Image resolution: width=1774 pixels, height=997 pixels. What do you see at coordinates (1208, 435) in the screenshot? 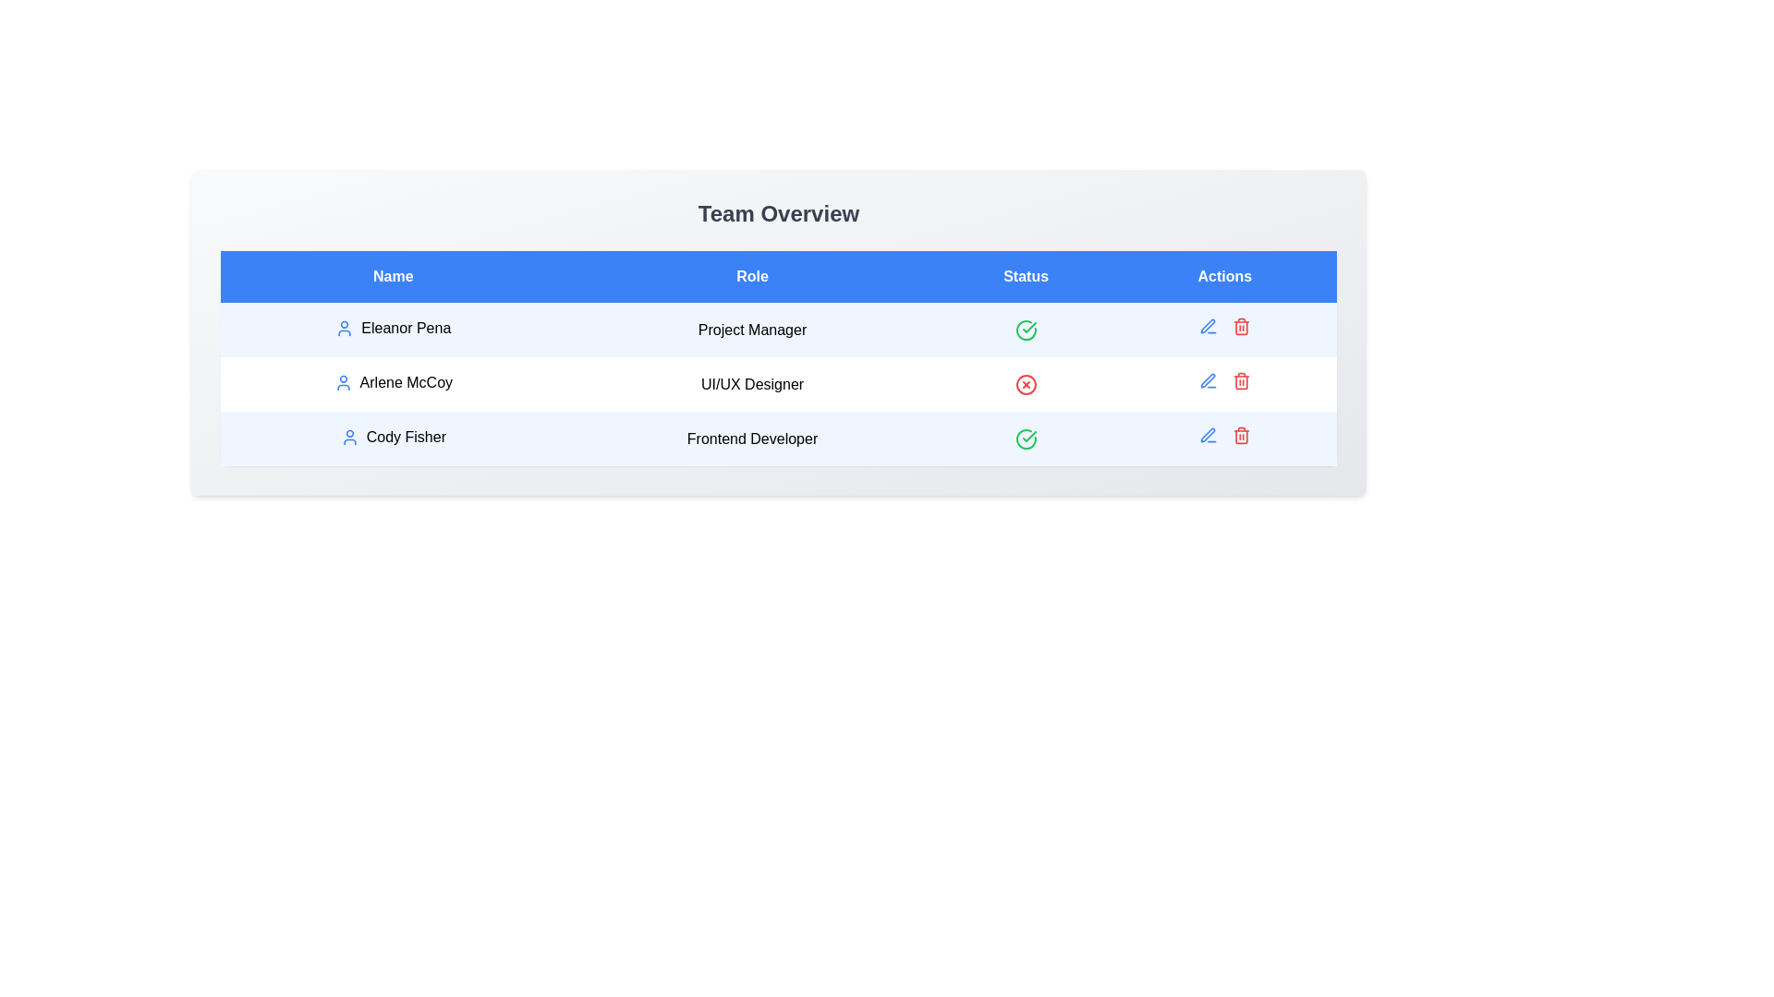
I see `the edit pen icon located in the 'Actions' column for the row corresponding to 'Arlene McCoy'. This icon signifies the ability to modify data related to that entry` at bounding box center [1208, 435].